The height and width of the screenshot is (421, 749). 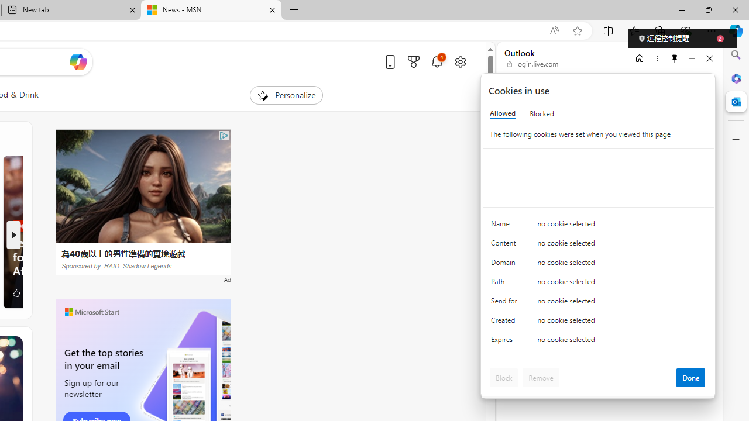 I want to click on 'Content', so click(x=506, y=245).